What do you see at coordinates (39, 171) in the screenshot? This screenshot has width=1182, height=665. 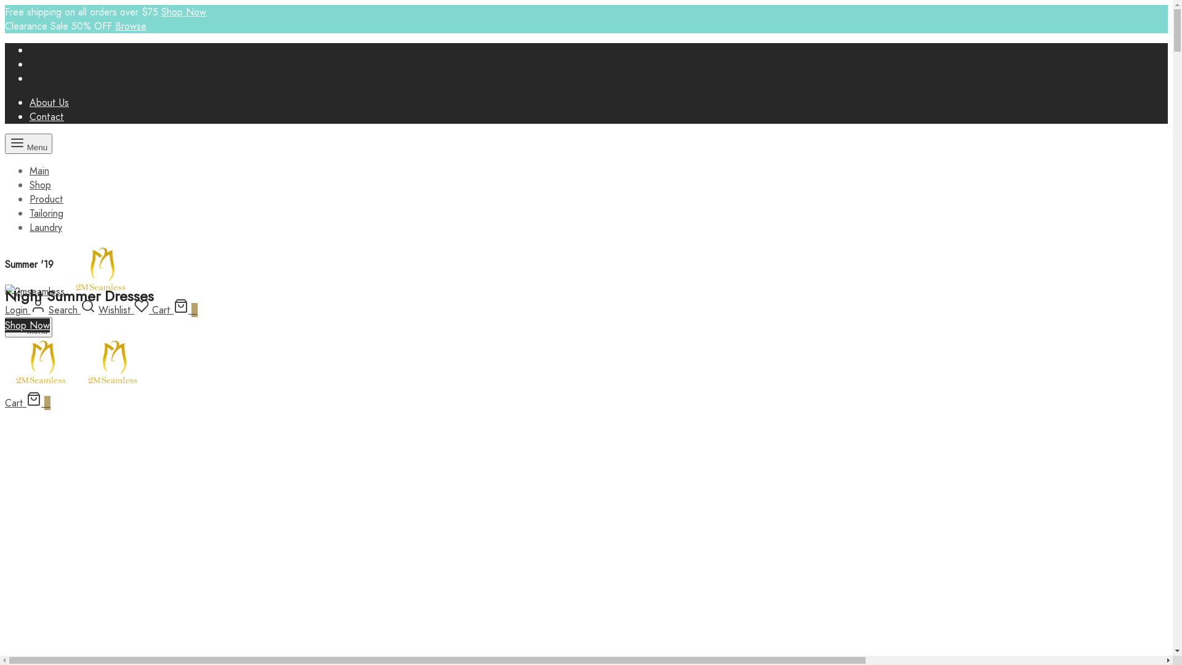 I see `'Main'` at bounding box center [39, 171].